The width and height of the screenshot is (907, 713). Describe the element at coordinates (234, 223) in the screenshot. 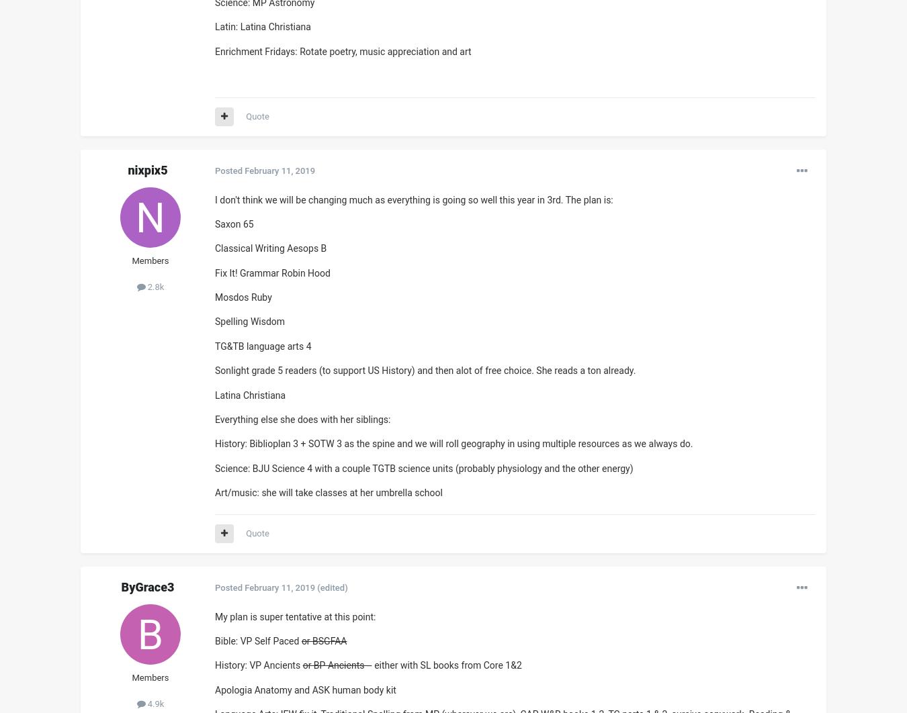

I see `'Saxon 65'` at that location.